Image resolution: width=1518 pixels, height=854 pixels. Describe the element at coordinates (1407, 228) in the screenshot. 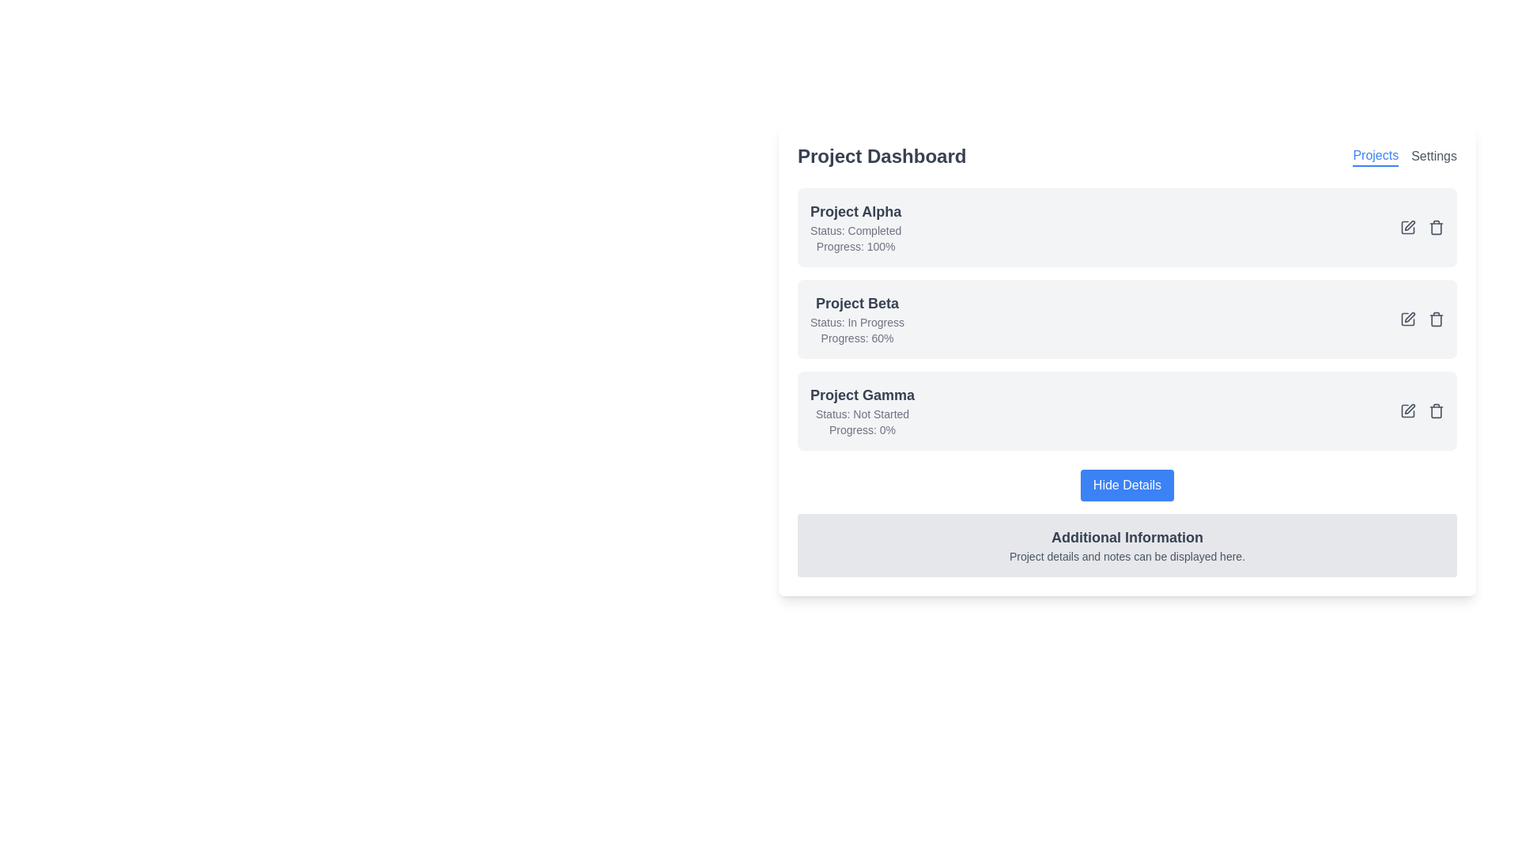

I see `the top left portion of the 'square and pen' icon representing the 'edit' functionality for 'Project Alpha' in the 'Project Dashboard'` at that location.